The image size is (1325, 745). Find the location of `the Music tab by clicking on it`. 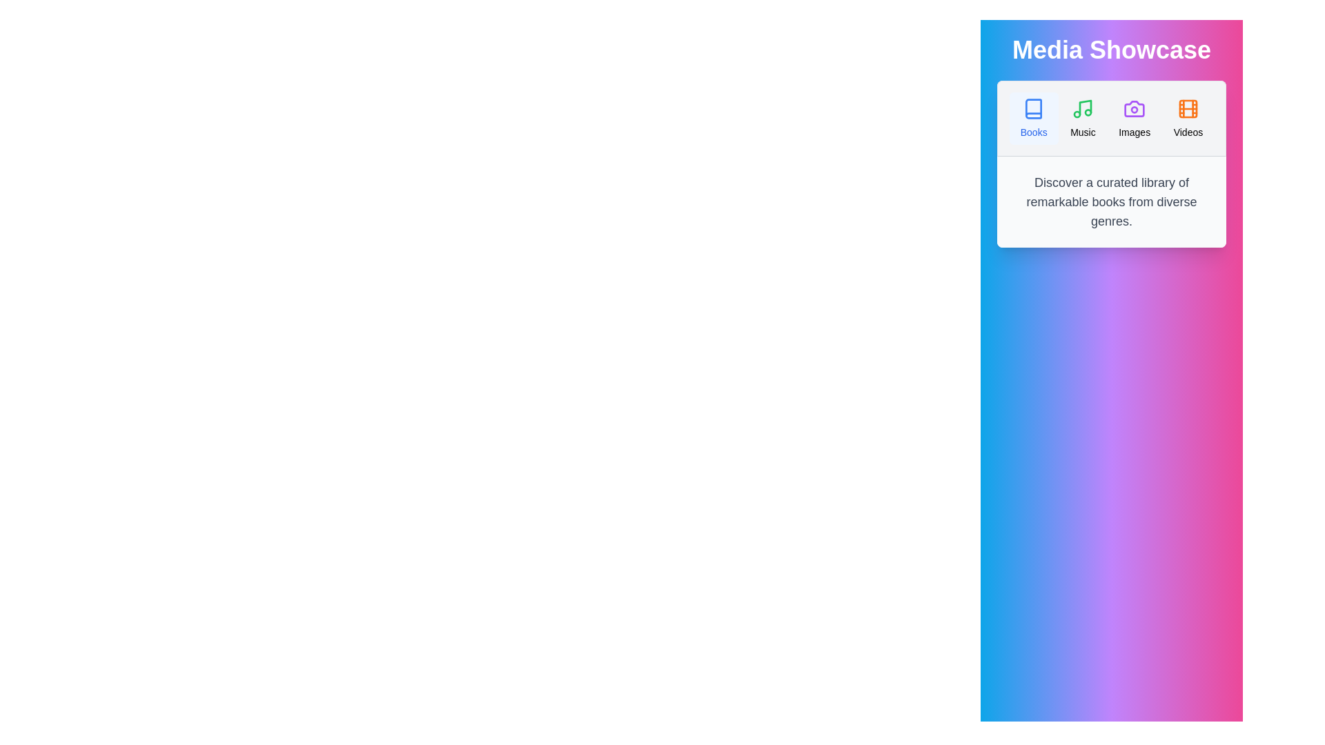

the Music tab by clicking on it is located at coordinates (1082, 118).